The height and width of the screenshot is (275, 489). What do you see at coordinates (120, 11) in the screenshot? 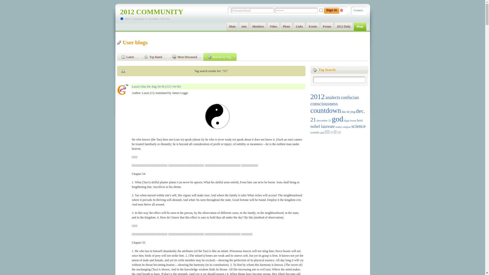
I see `'2012 COMMUNITY'` at bounding box center [120, 11].